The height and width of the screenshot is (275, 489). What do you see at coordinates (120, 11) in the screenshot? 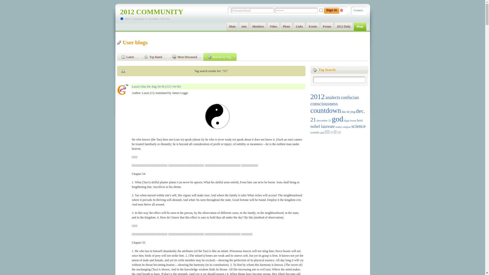
I see `'2012 COMMUNITY'` at bounding box center [120, 11].